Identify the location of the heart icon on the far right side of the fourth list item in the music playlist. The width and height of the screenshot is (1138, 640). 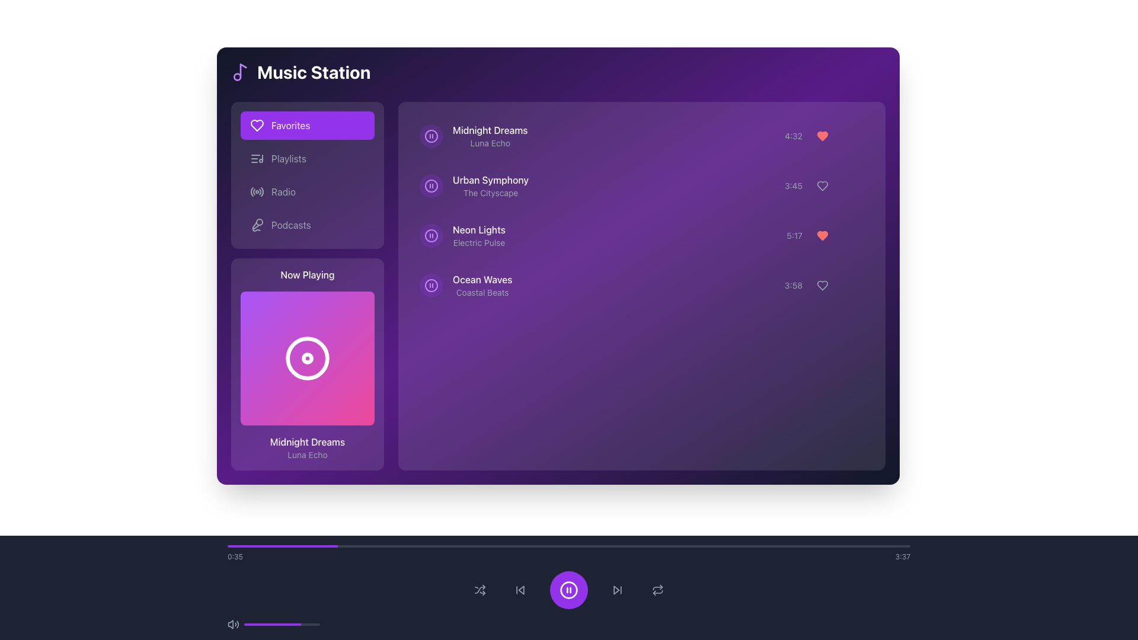
(821, 286).